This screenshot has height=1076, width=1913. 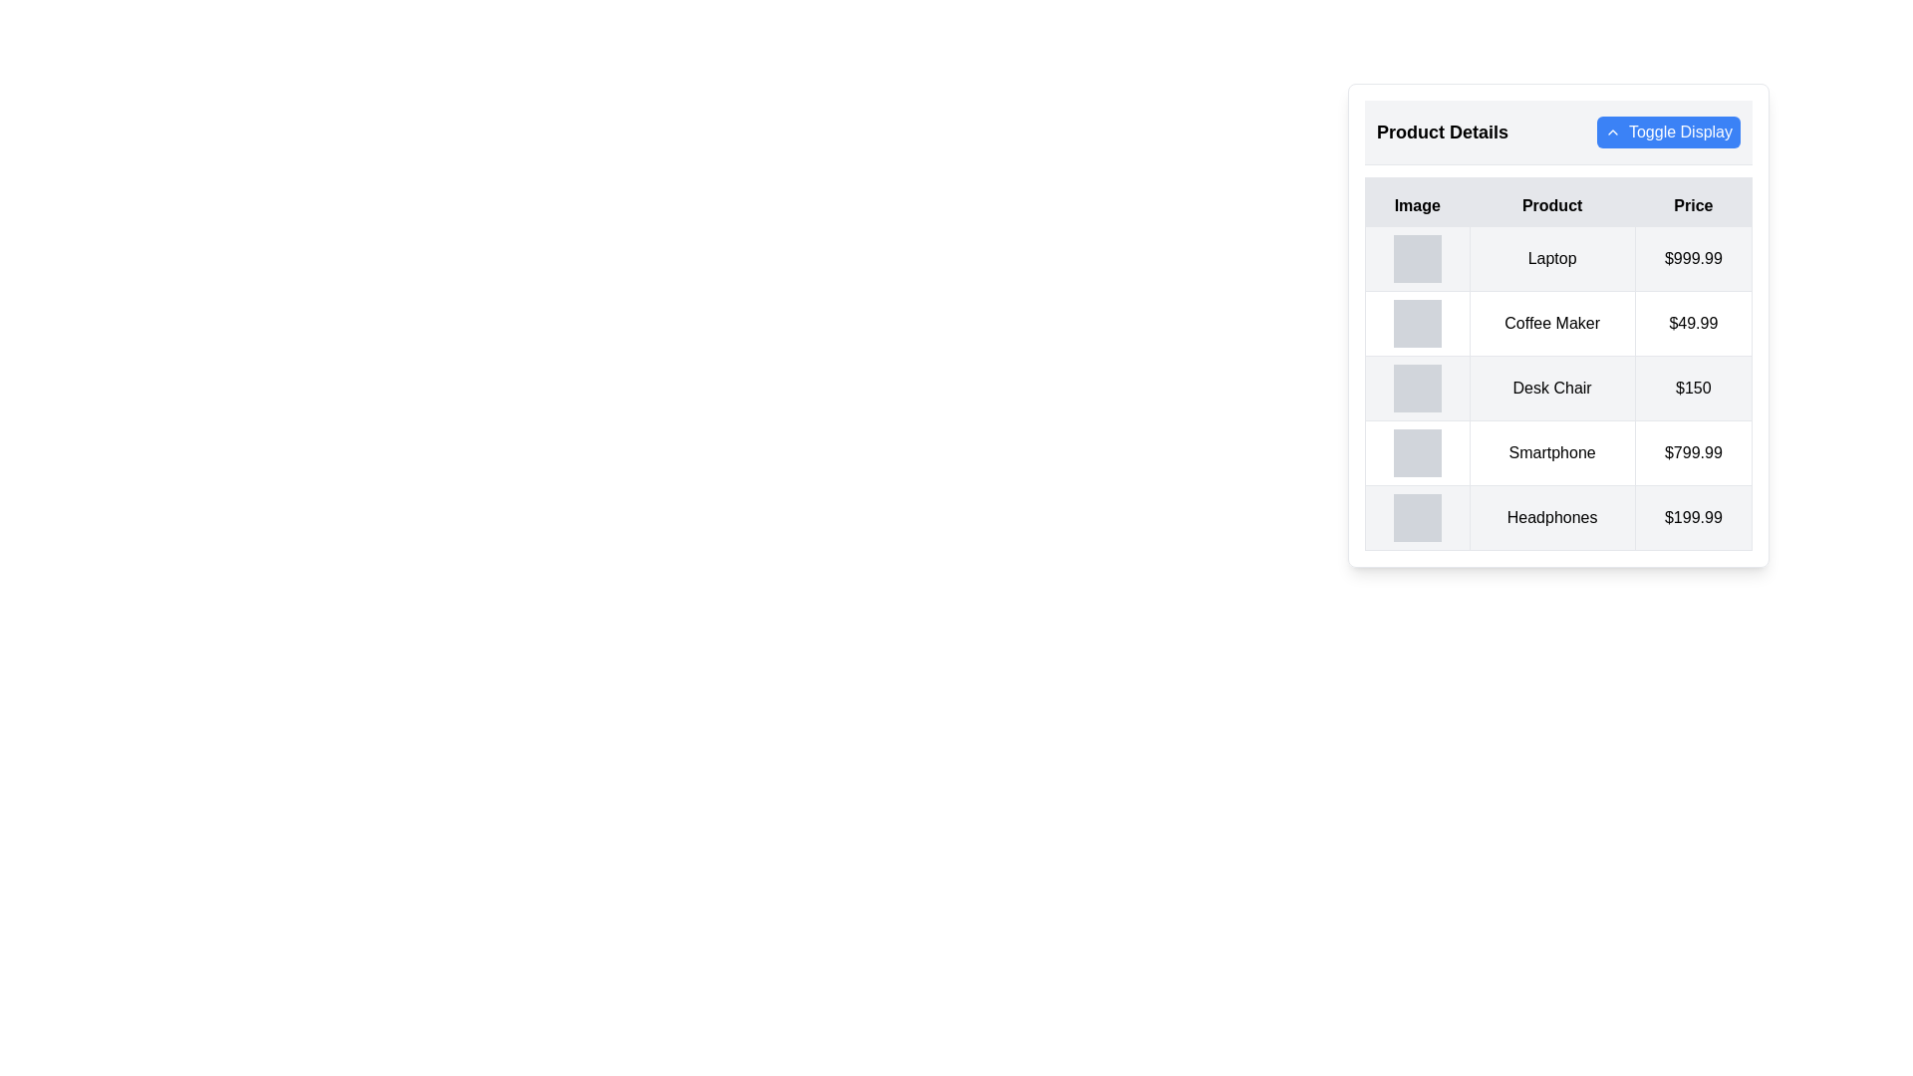 I want to click on the price display for the product 'Headphones' located in the last row of the table under the 'Price' column, so click(x=1692, y=517).